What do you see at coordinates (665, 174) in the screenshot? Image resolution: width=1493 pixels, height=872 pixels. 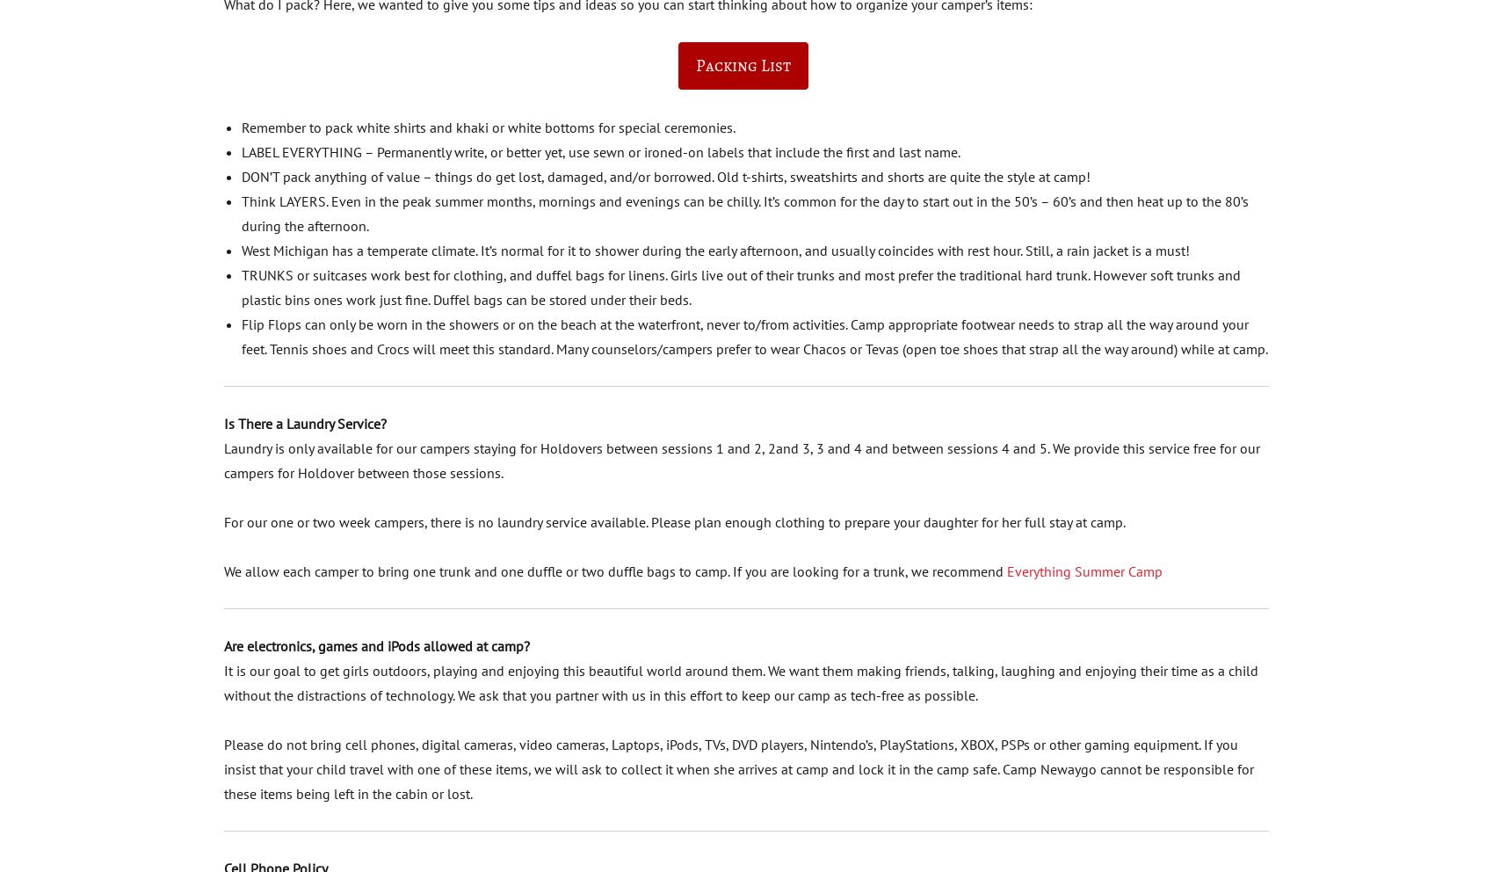 I see `'DON’T pack anything of value – things do get lost, damaged, and/or borrowed. Old t-shirts, sweatshirts and shorts are quite the style at camp!'` at bounding box center [665, 174].